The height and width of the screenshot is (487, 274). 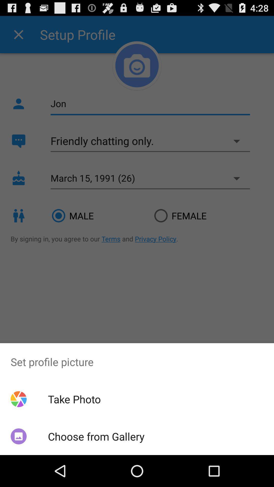 I want to click on icon at the center, so click(x=137, y=235).